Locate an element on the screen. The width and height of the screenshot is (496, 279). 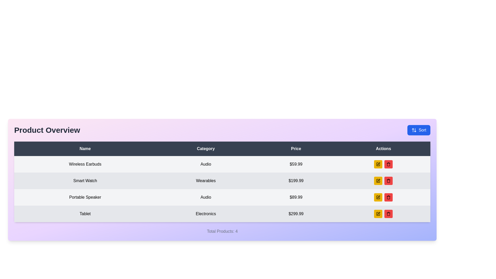
the trash can icon located in the Actions column of the table is located at coordinates (389, 198).